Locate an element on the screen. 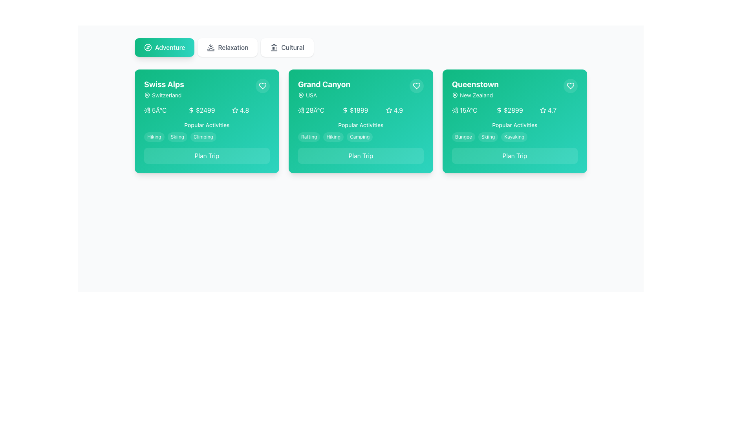 The width and height of the screenshot is (754, 424). the third button in the horizontal list to filter content by cultural-based activities is located at coordinates (287, 47).